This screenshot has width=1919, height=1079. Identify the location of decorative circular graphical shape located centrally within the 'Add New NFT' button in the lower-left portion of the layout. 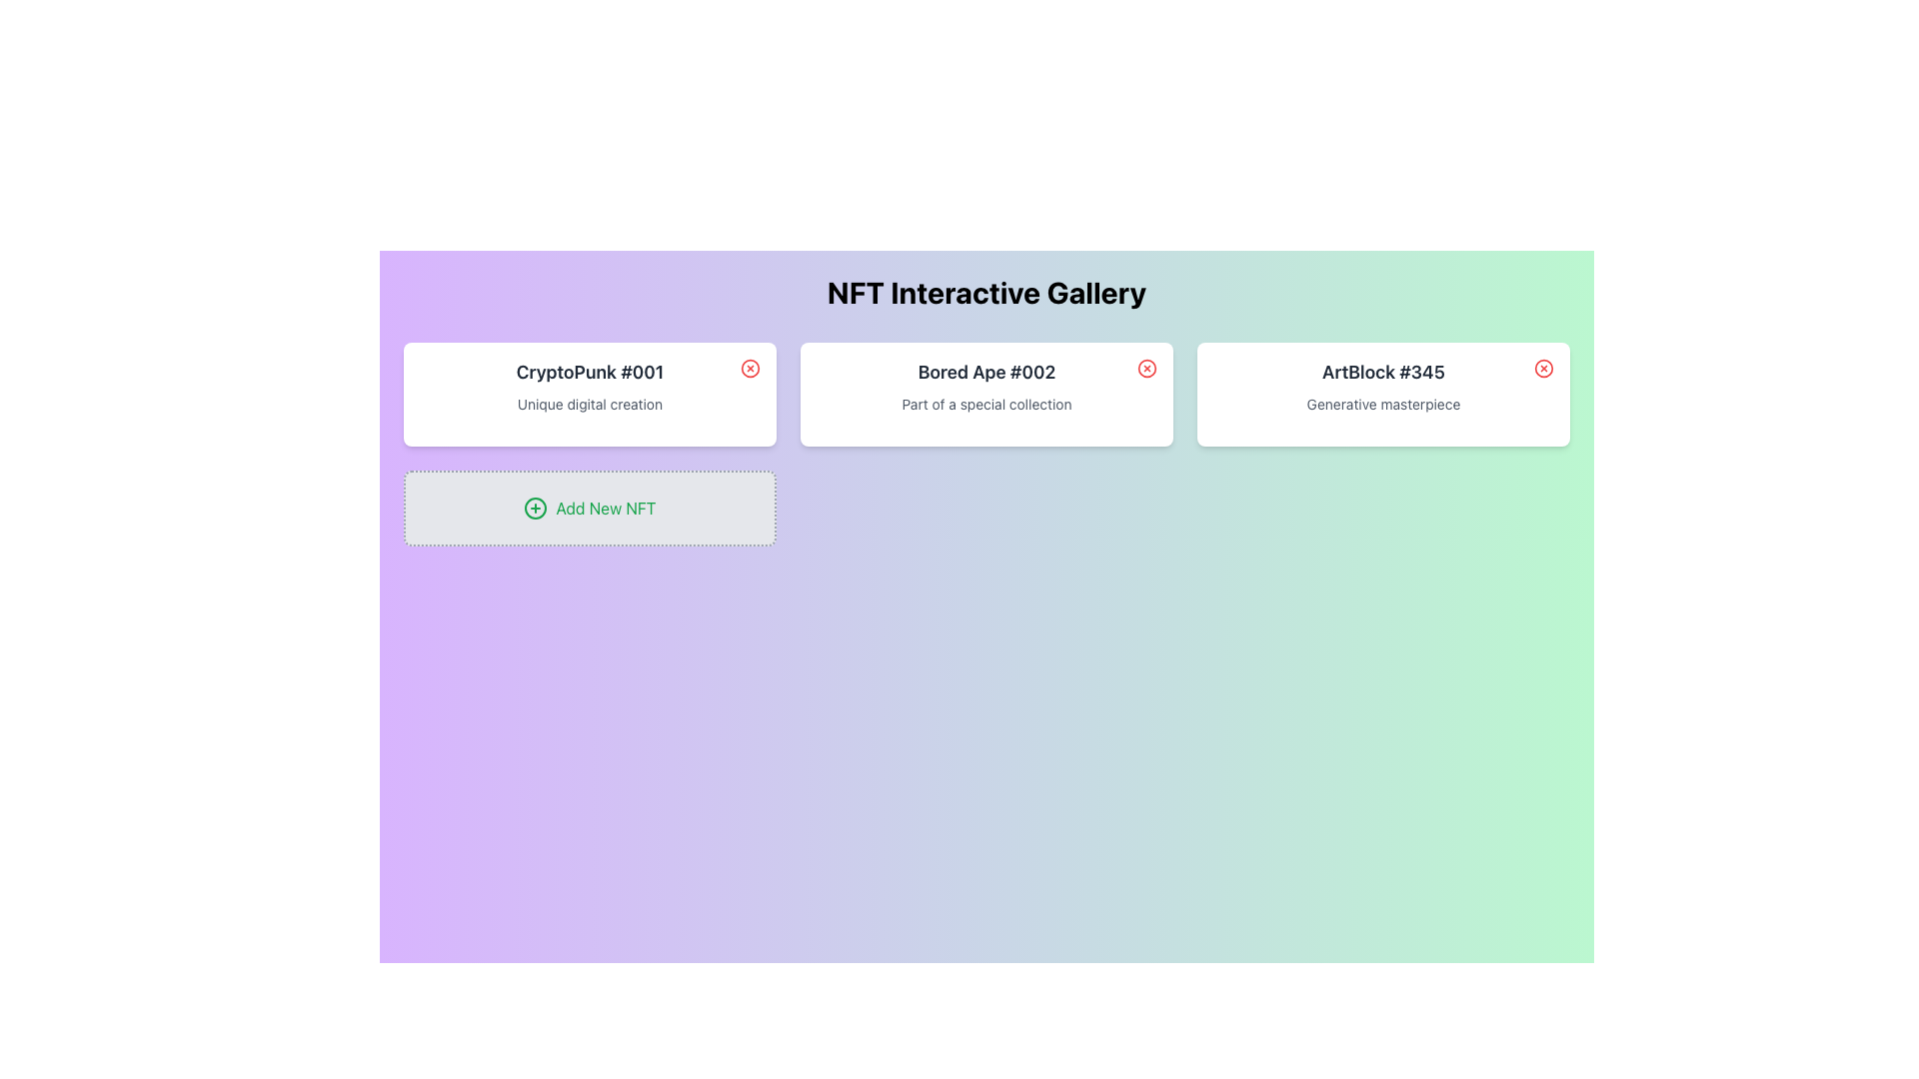
(536, 508).